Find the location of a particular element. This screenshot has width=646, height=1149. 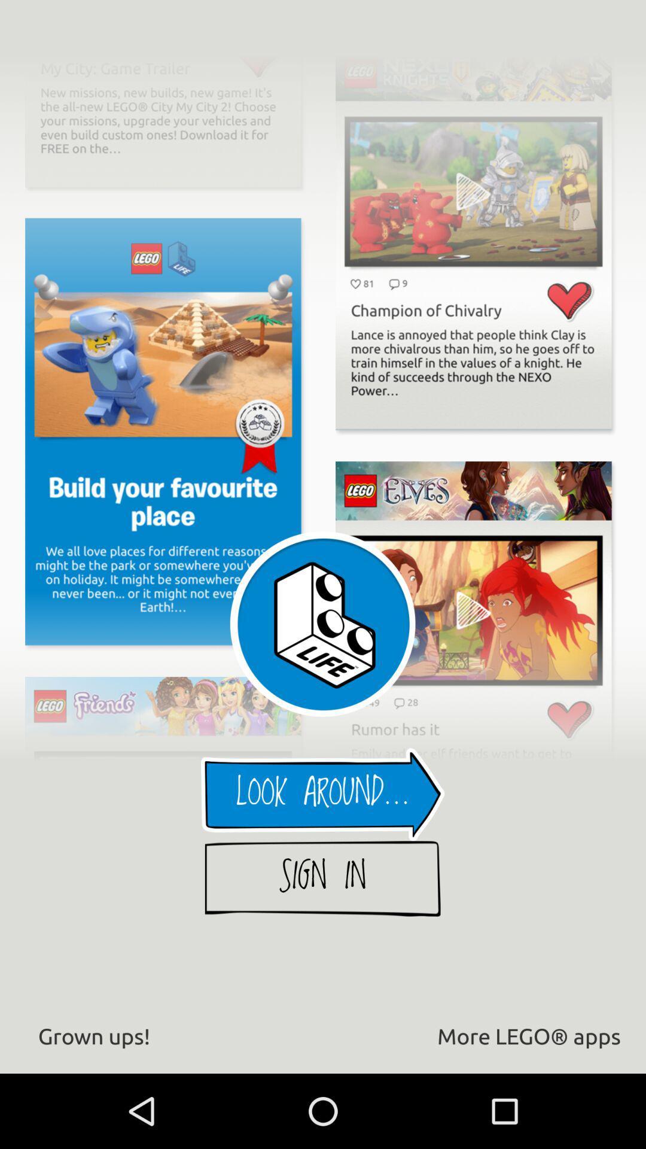

the text shown at the bottom right corner of the page is located at coordinates (528, 1035).